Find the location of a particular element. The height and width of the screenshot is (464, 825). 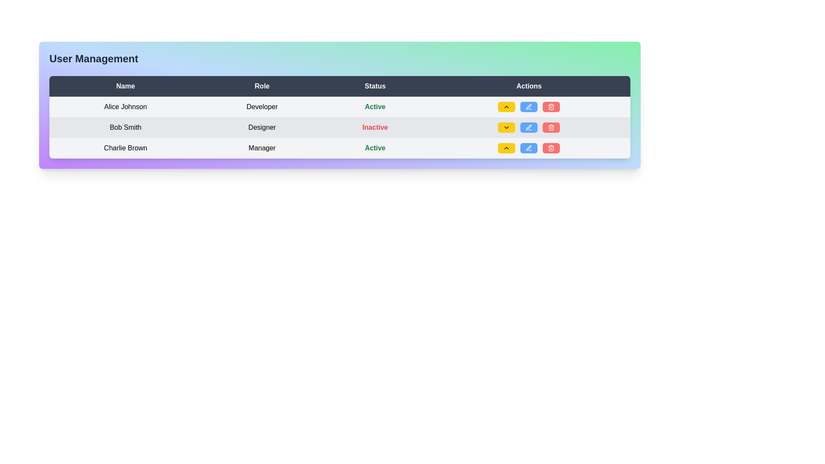

the deletion icon button located in the 'Actions' column of the second row corresponding to user 'Bob Smith' is located at coordinates (551, 147).